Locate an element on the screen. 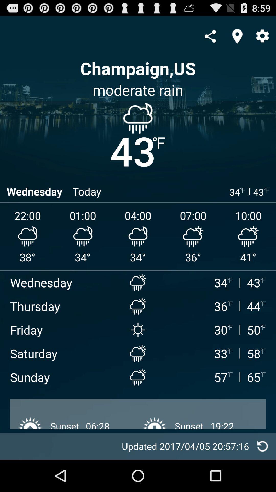  weather details is located at coordinates (262, 446).